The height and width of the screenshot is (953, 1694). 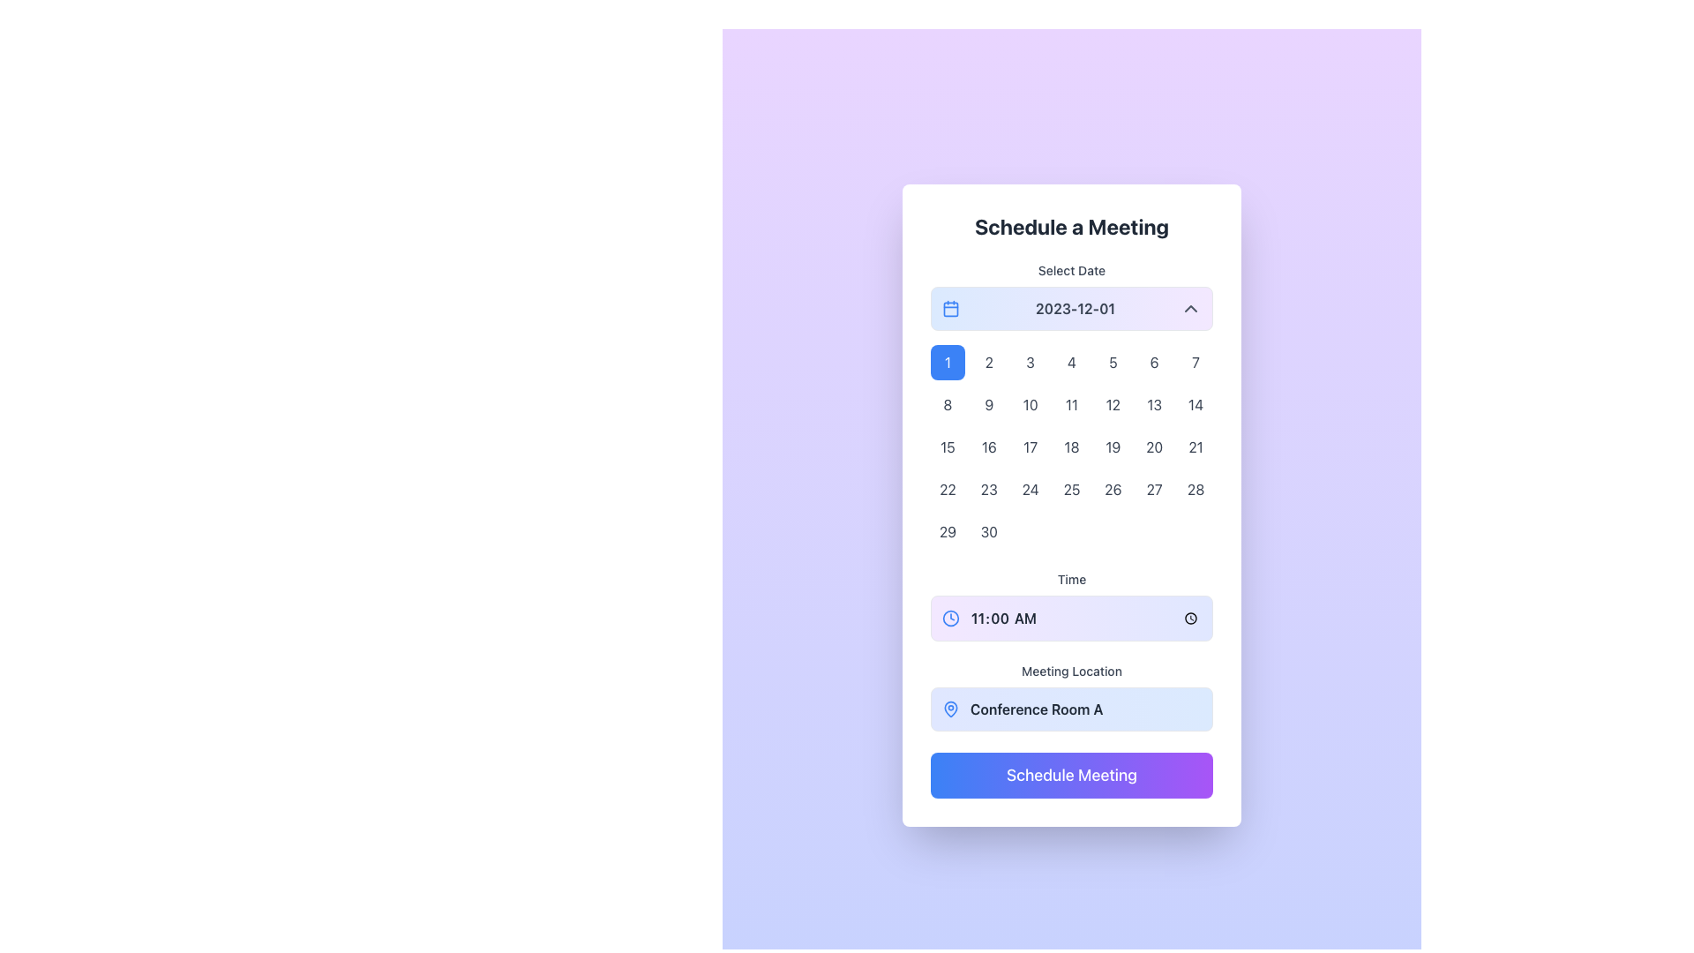 I want to click on the selectable date option button for the '24th' in the calendar, so click(x=1031, y=490).